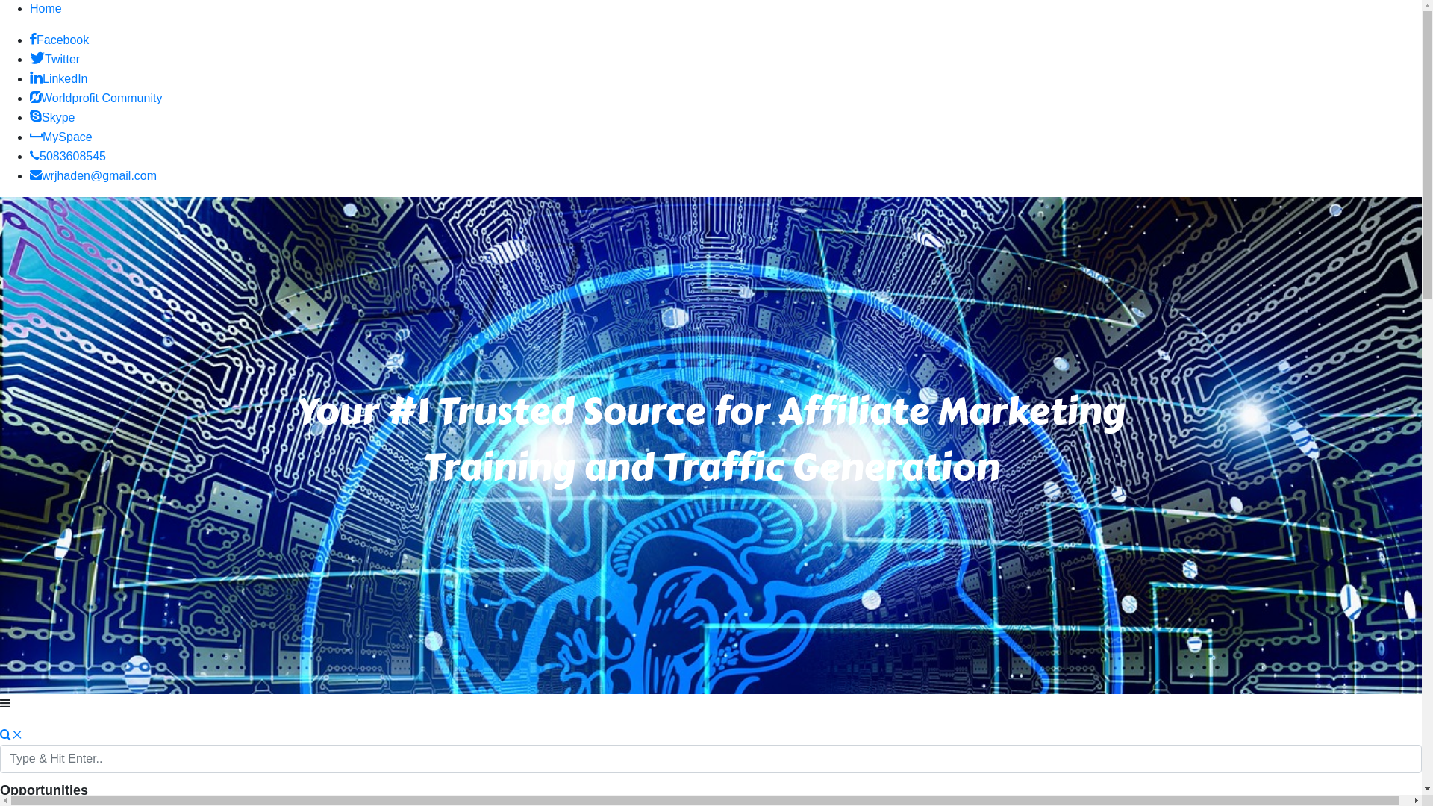  I want to click on 'Home', so click(46, 8).